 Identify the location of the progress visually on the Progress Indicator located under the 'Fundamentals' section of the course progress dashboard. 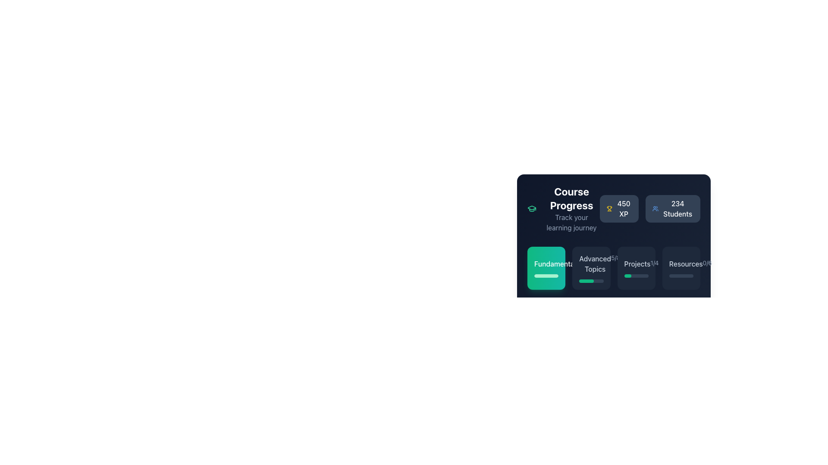
(627, 276).